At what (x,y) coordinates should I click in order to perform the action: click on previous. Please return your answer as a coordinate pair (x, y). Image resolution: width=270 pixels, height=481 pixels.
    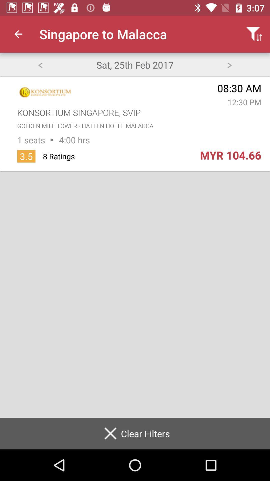
    Looking at the image, I should click on (40, 64).